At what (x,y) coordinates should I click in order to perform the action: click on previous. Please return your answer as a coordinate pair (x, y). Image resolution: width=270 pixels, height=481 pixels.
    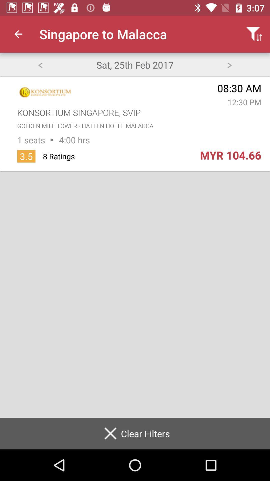
    Looking at the image, I should click on (40, 64).